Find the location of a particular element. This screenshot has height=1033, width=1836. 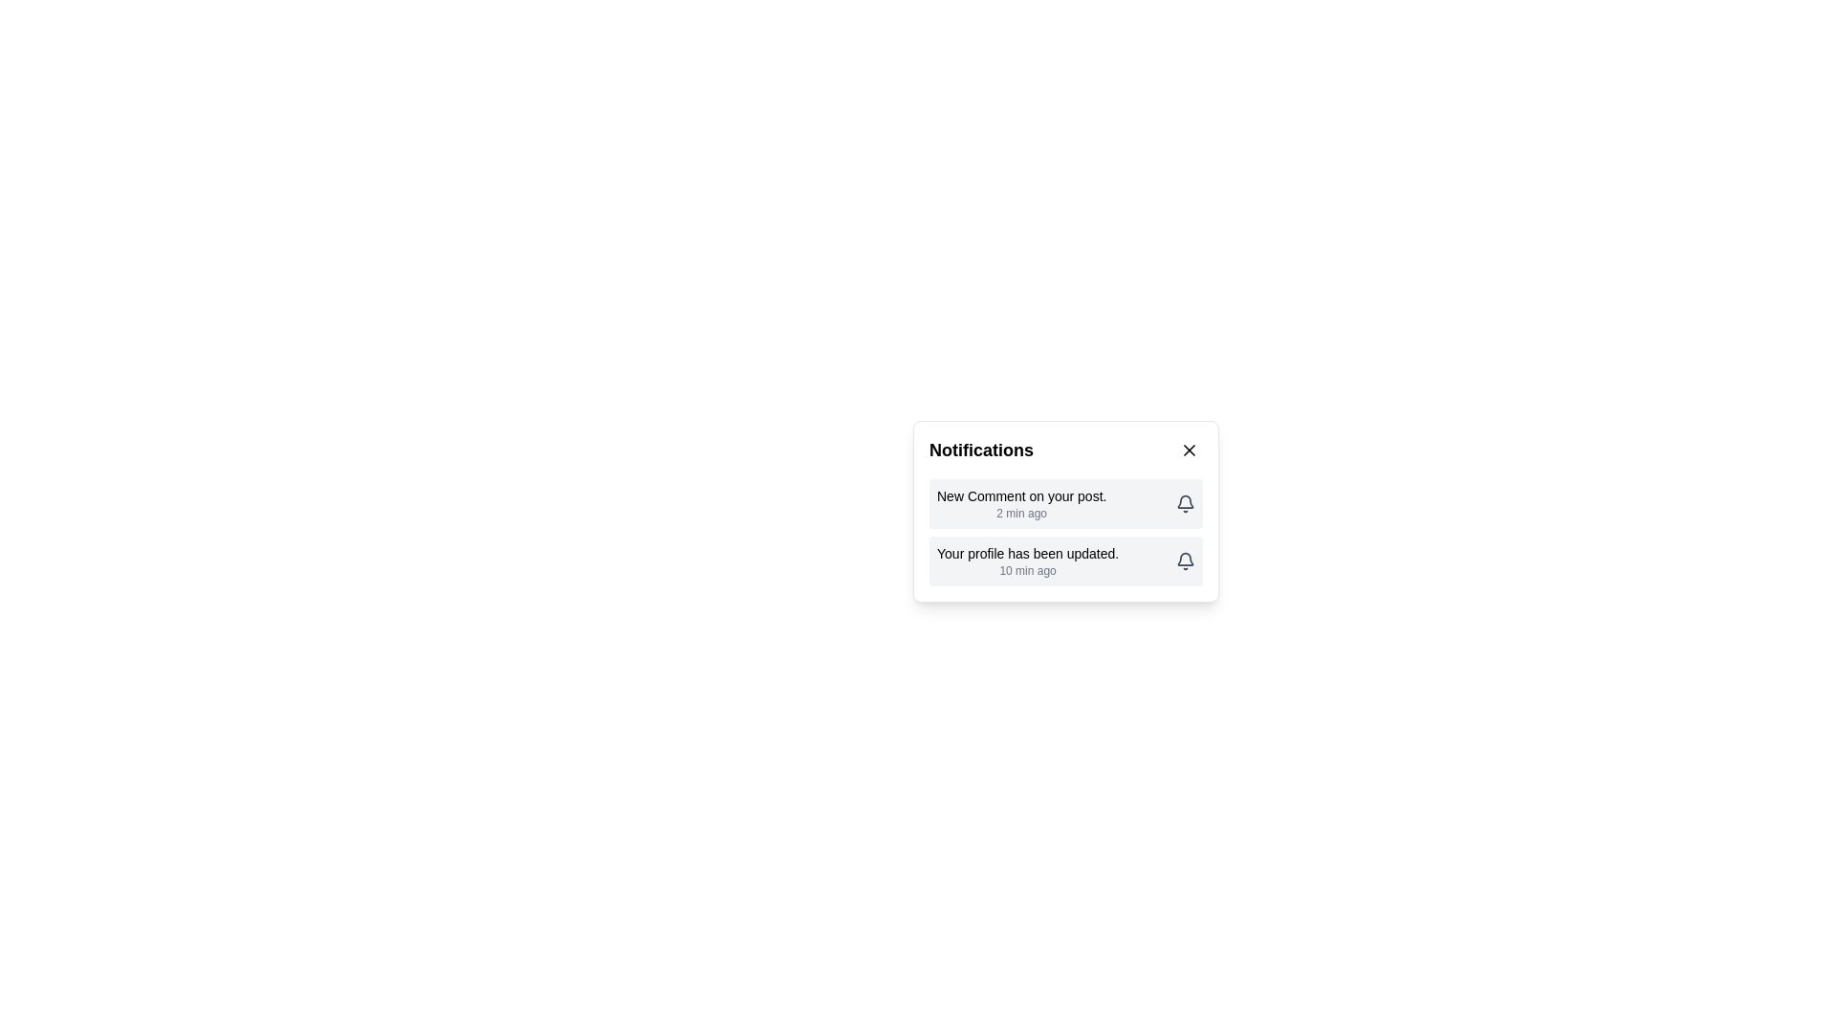

the icon button resembling an 'X' located in the top-right corner of the notification popup to change its background color is located at coordinates (1188, 450).